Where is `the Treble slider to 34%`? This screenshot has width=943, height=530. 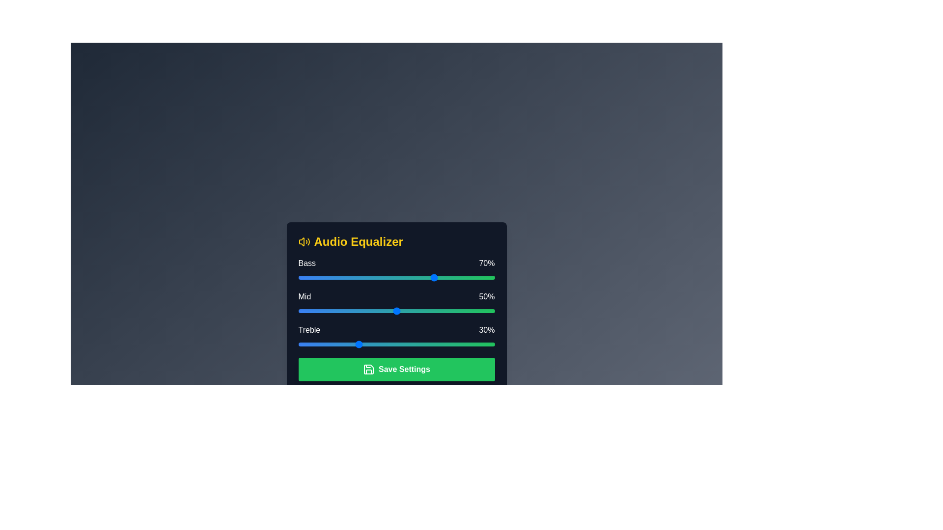
the Treble slider to 34% is located at coordinates (364, 344).